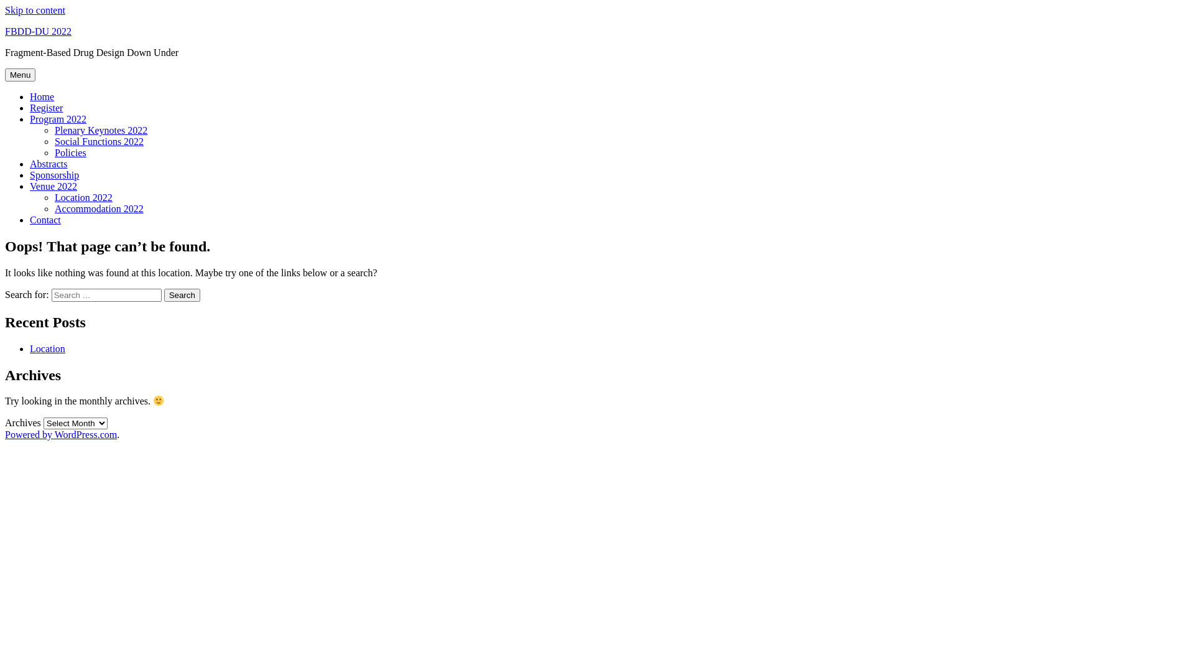  What do you see at coordinates (35, 10) in the screenshot?
I see `'Skip to content'` at bounding box center [35, 10].